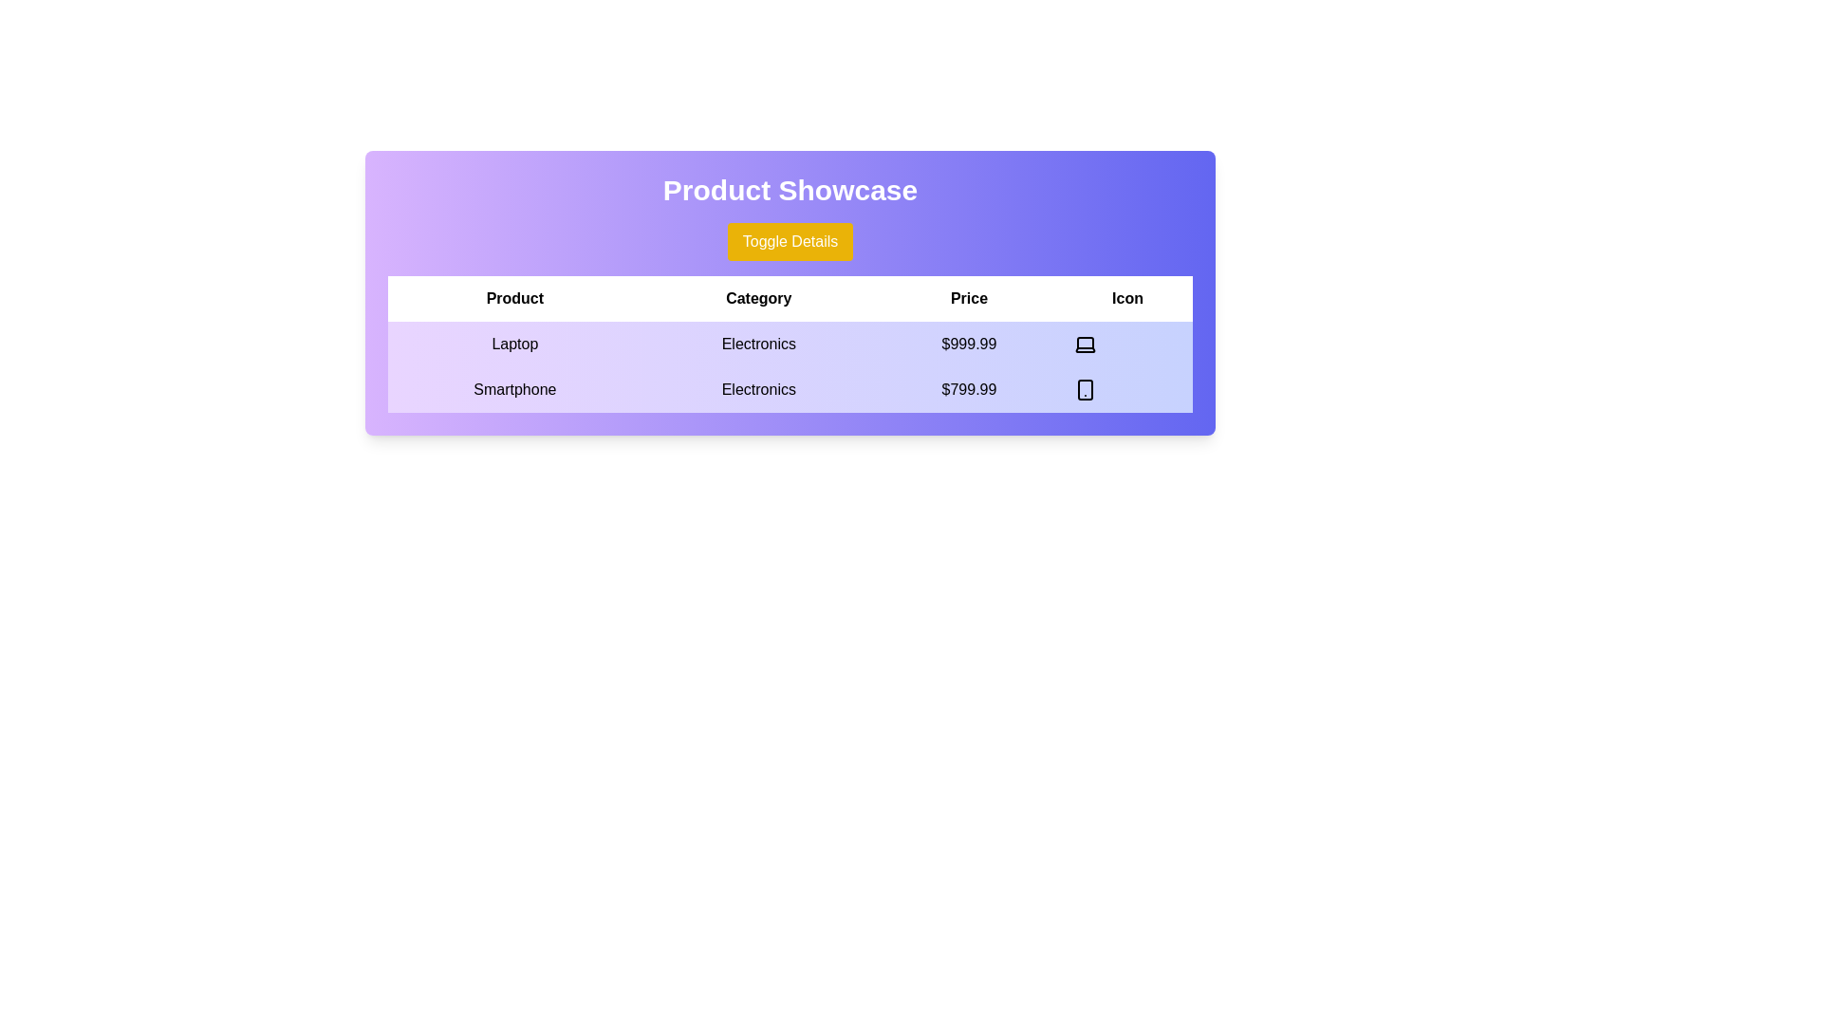 This screenshot has width=1822, height=1025. What do you see at coordinates (969, 299) in the screenshot?
I see `the 'Price' header in the table, which indicates the corresponding data for prices of listed items` at bounding box center [969, 299].